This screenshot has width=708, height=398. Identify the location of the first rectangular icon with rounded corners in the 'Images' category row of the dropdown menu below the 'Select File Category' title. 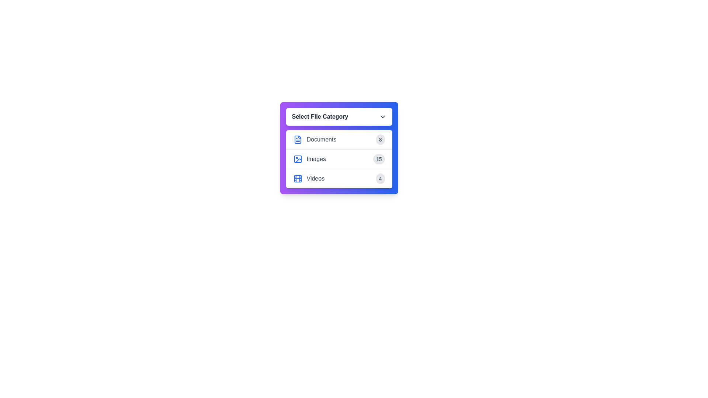
(298, 159).